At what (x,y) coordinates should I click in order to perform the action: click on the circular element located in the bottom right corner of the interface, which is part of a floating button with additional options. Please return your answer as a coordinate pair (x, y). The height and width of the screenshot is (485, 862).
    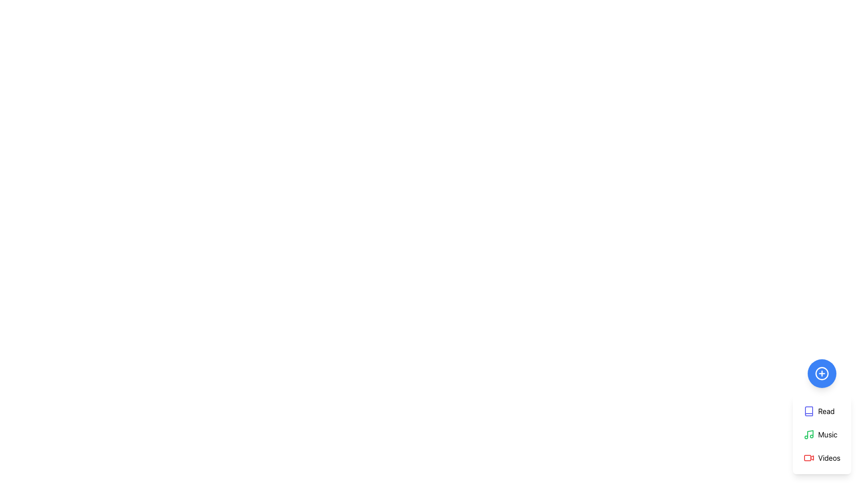
    Looking at the image, I should click on (822, 374).